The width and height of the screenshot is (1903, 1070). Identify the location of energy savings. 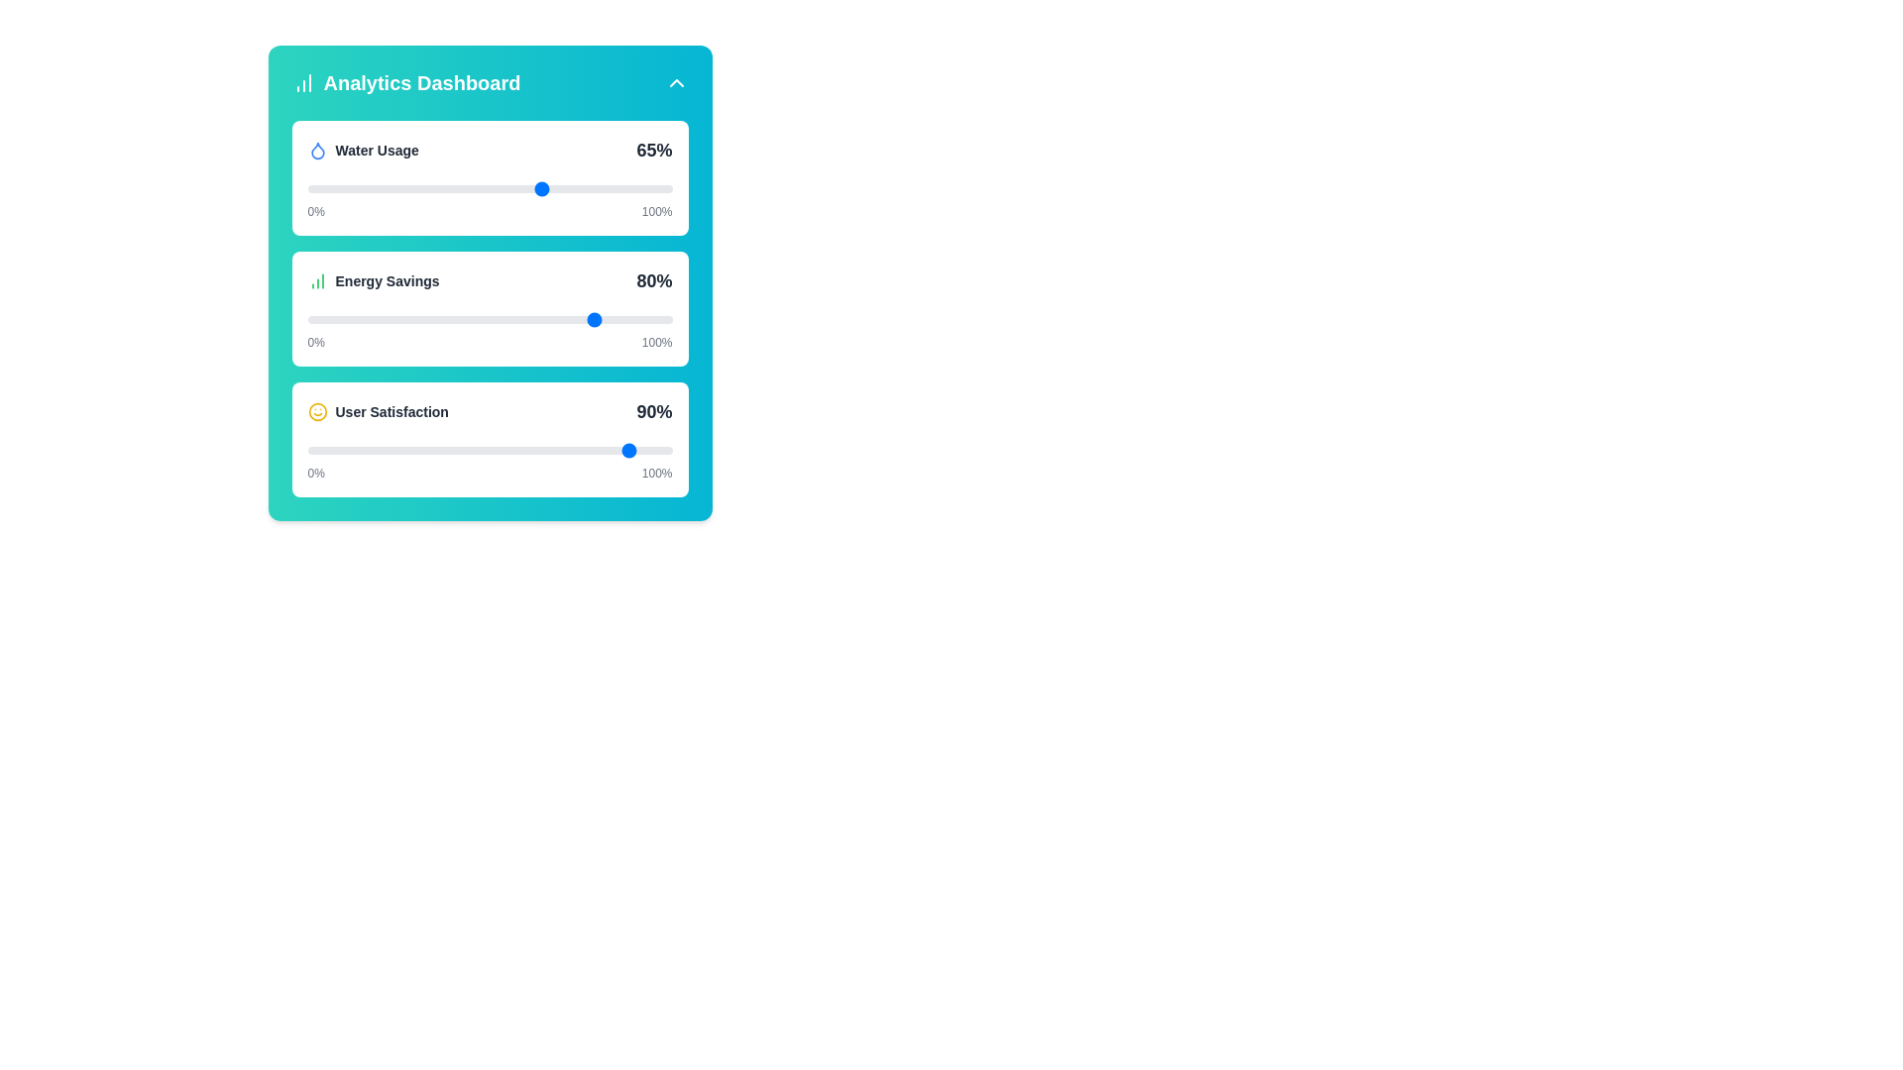
(565, 319).